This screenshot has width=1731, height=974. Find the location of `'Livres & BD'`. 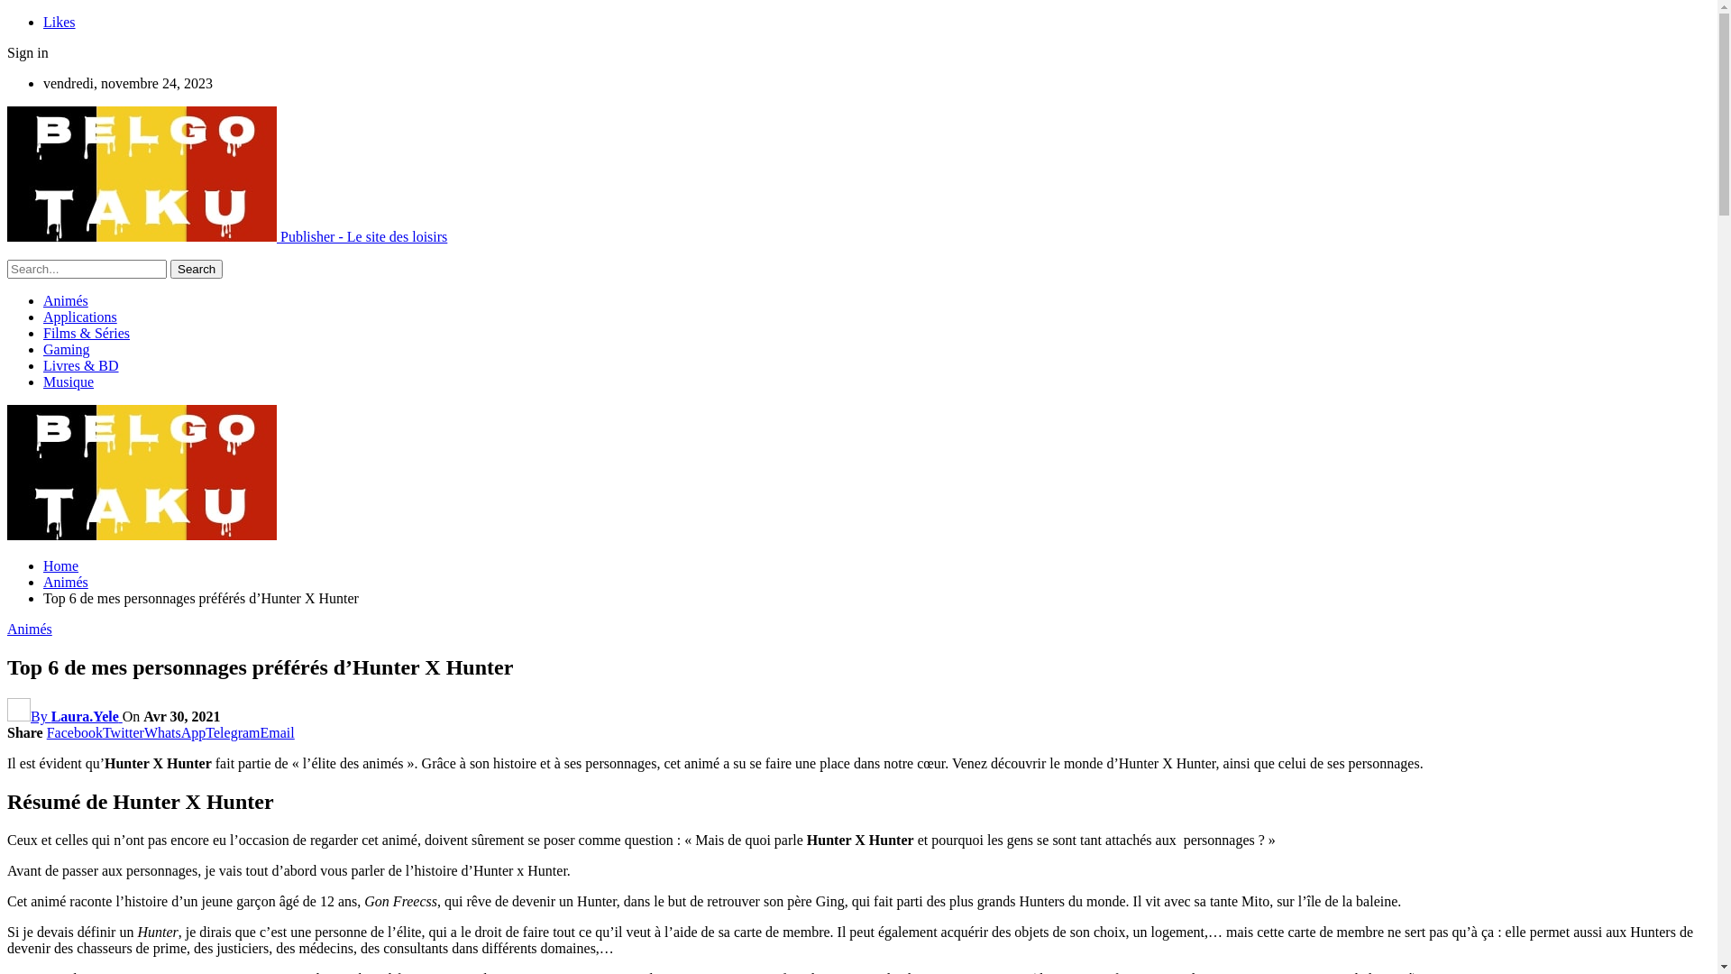

'Livres & BD' is located at coordinates (80, 365).